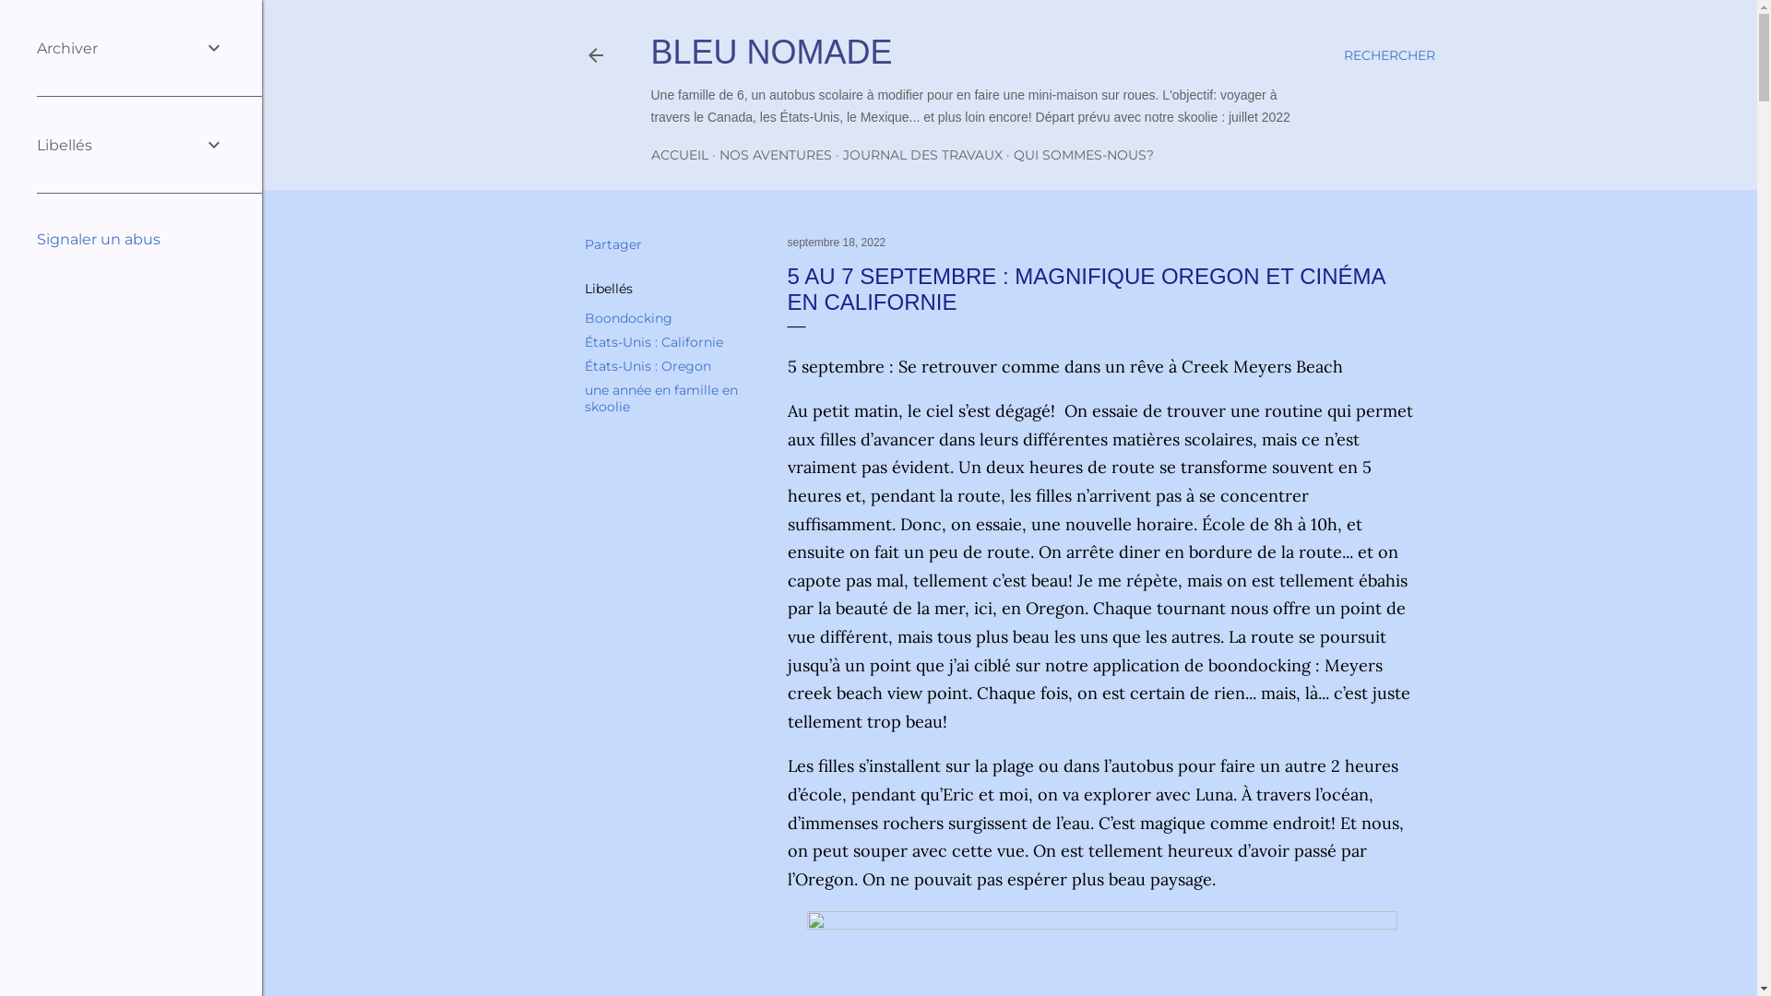  What do you see at coordinates (36, 238) in the screenshot?
I see `'Signaler un abus'` at bounding box center [36, 238].